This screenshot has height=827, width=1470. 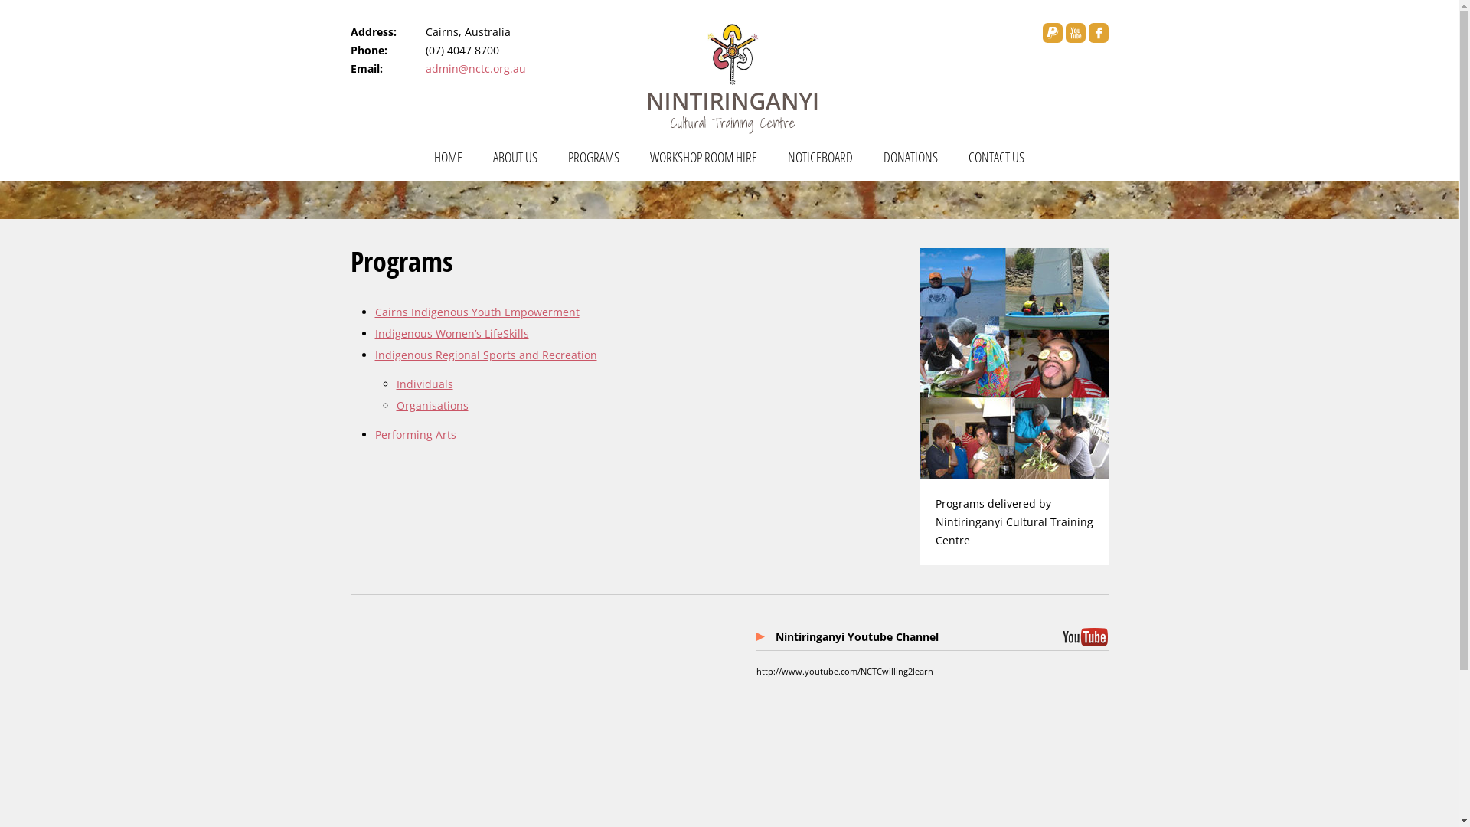 I want to click on 'ABOUT US', so click(x=514, y=162).